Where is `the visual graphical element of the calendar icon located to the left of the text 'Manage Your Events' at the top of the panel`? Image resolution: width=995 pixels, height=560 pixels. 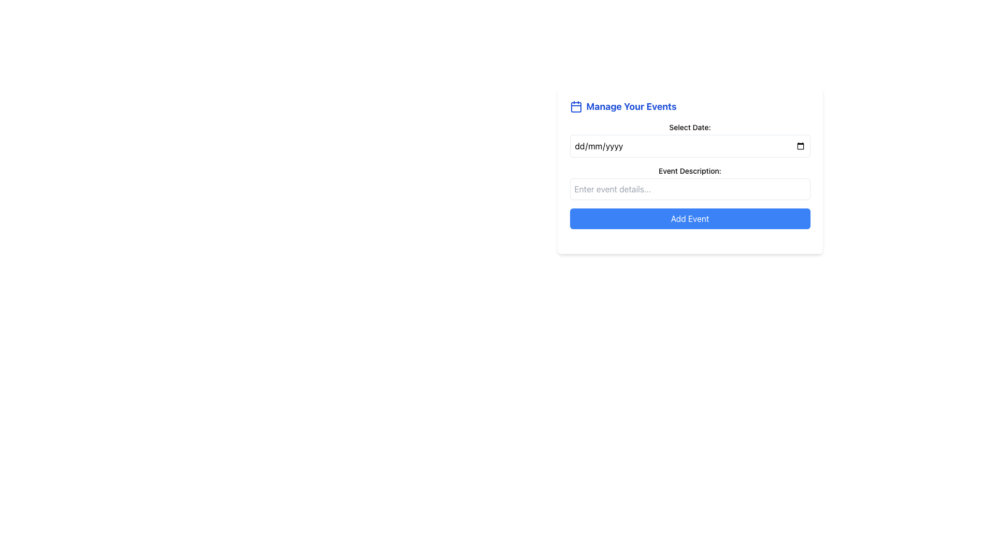
the visual graphical element of the calendar icon located to the left of the text 'Manage Your Events' at the top of the panel is located at coordinates (575, 107).